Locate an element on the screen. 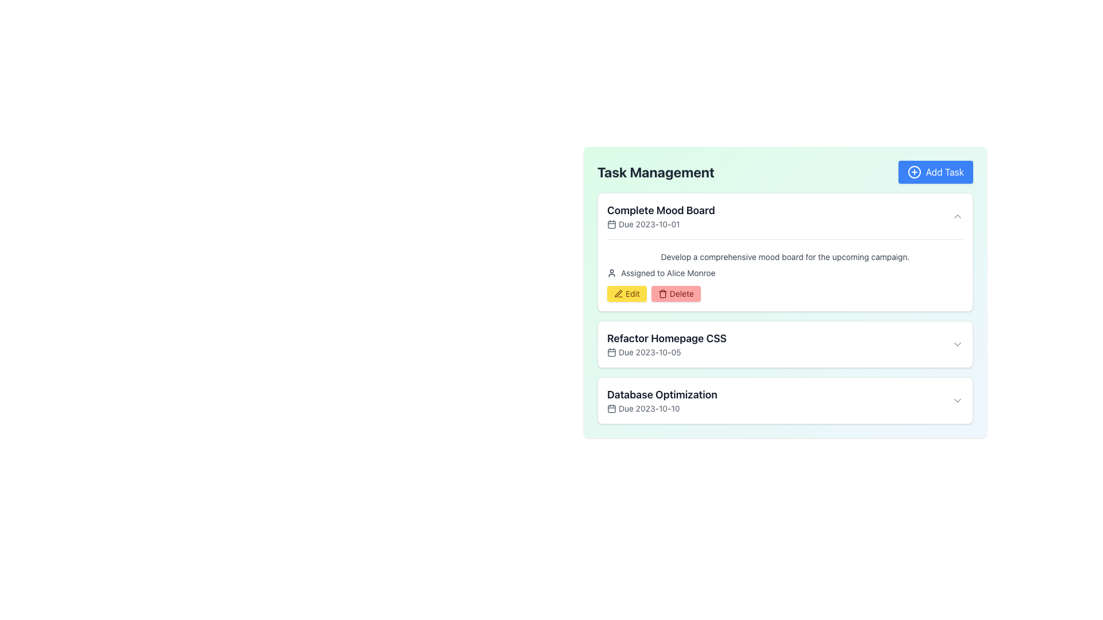 This screenshot has height=620, width=1103. the Dropdown indicator (chevron icon) which is styled in gray and turns blue upon hover, located to the far right of the section containing 'Refactor Homepage CSS' and 'Due 2023-10-05' is located at coordinates (957, 344).